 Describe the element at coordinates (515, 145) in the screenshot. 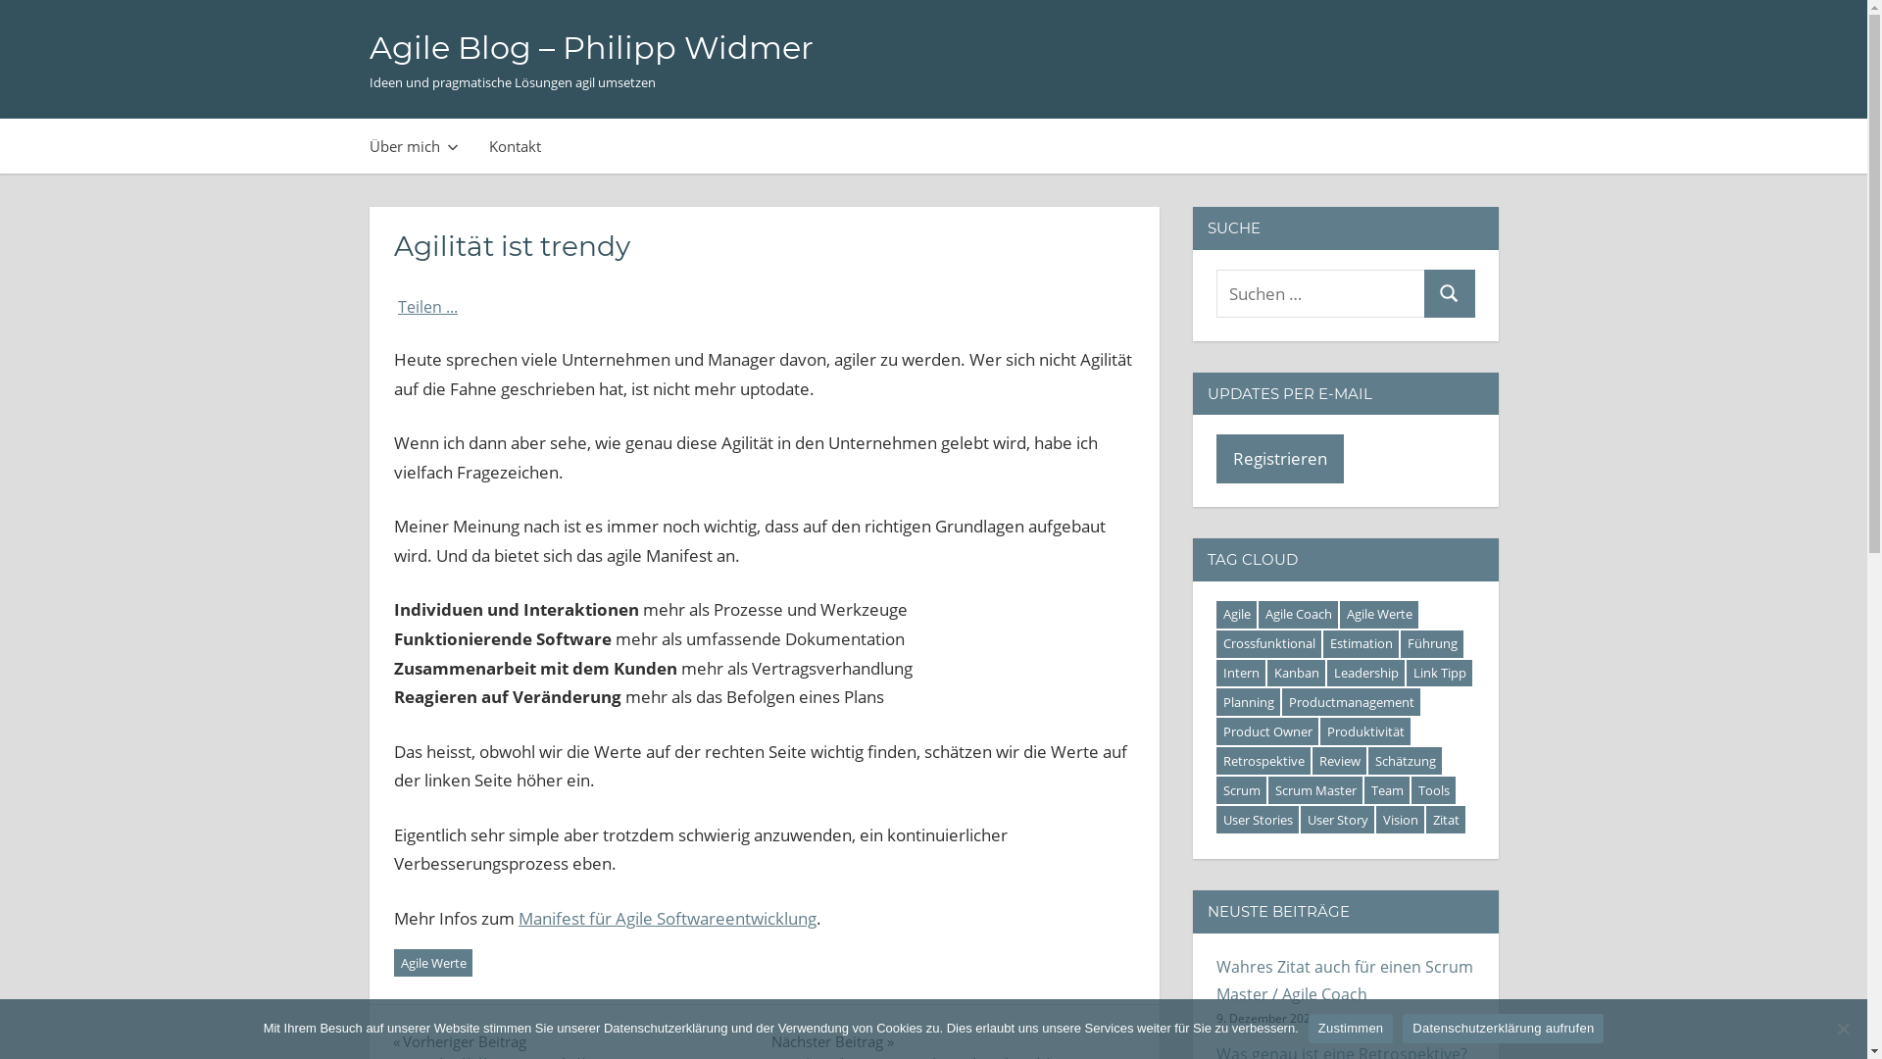

I see `'Kontakt'` at that location.